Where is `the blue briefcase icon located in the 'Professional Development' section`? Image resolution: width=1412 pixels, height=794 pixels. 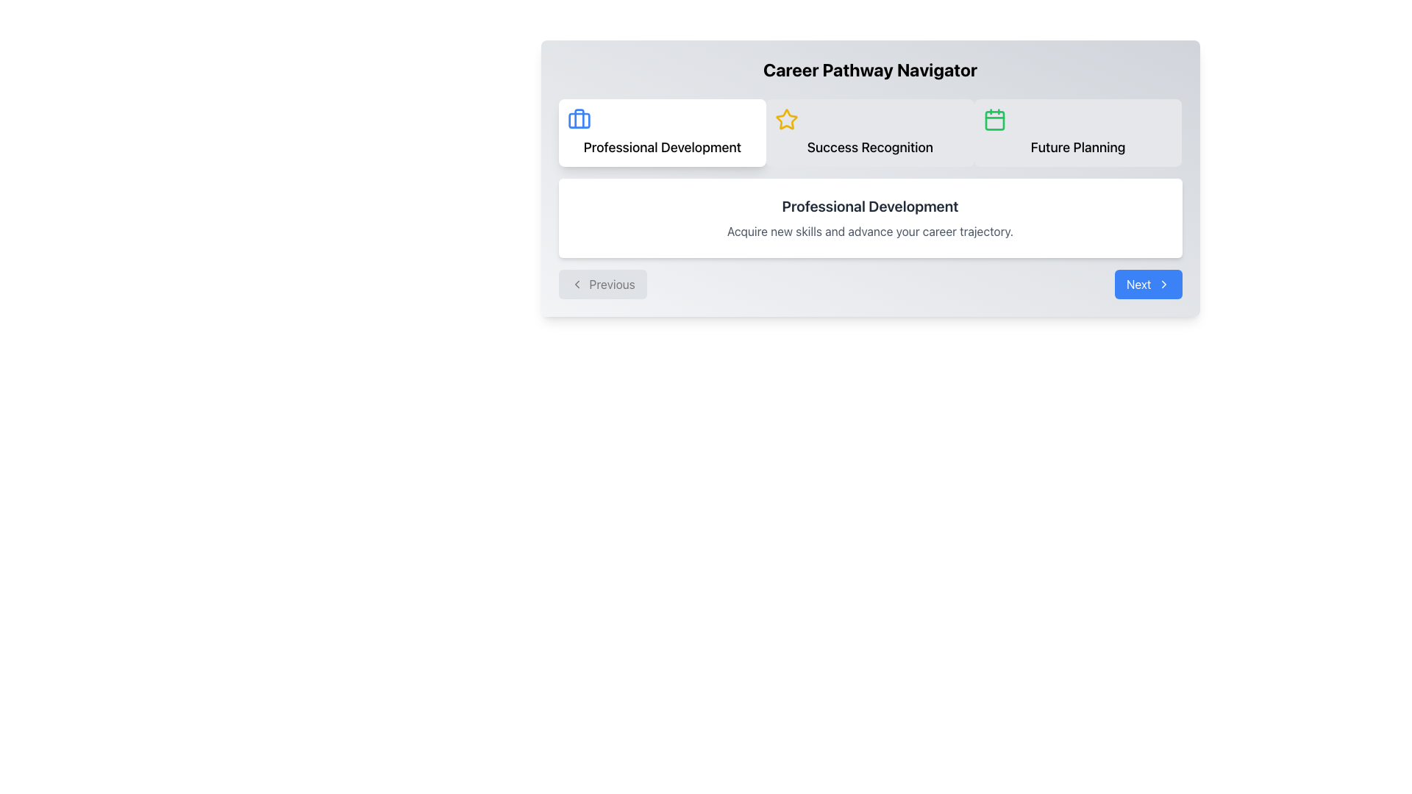 the blue briefcase icon located in the 'Professional Development' section is located at coordinates (578, 118).